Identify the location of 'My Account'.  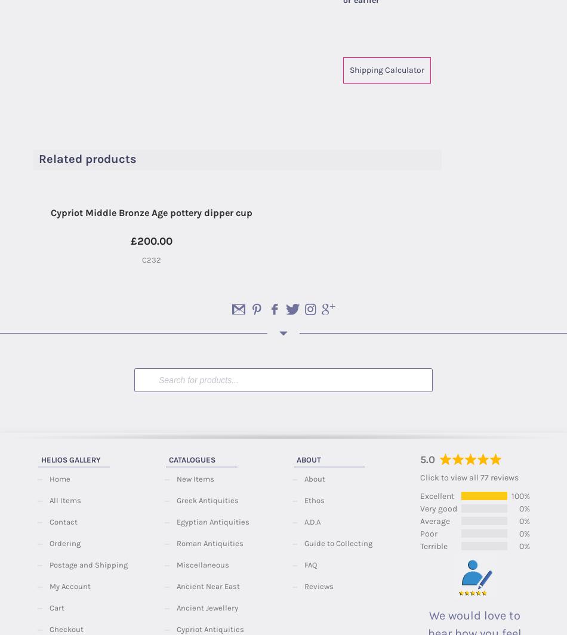
(48, 585).